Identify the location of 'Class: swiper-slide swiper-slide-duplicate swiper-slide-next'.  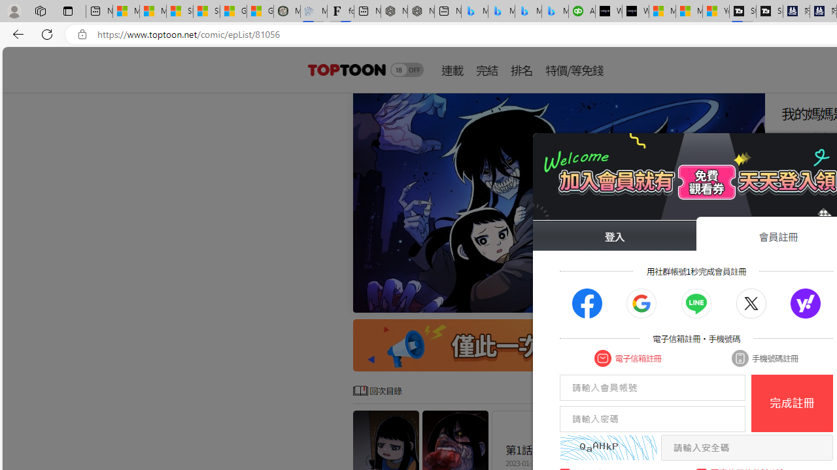
(559, 203).